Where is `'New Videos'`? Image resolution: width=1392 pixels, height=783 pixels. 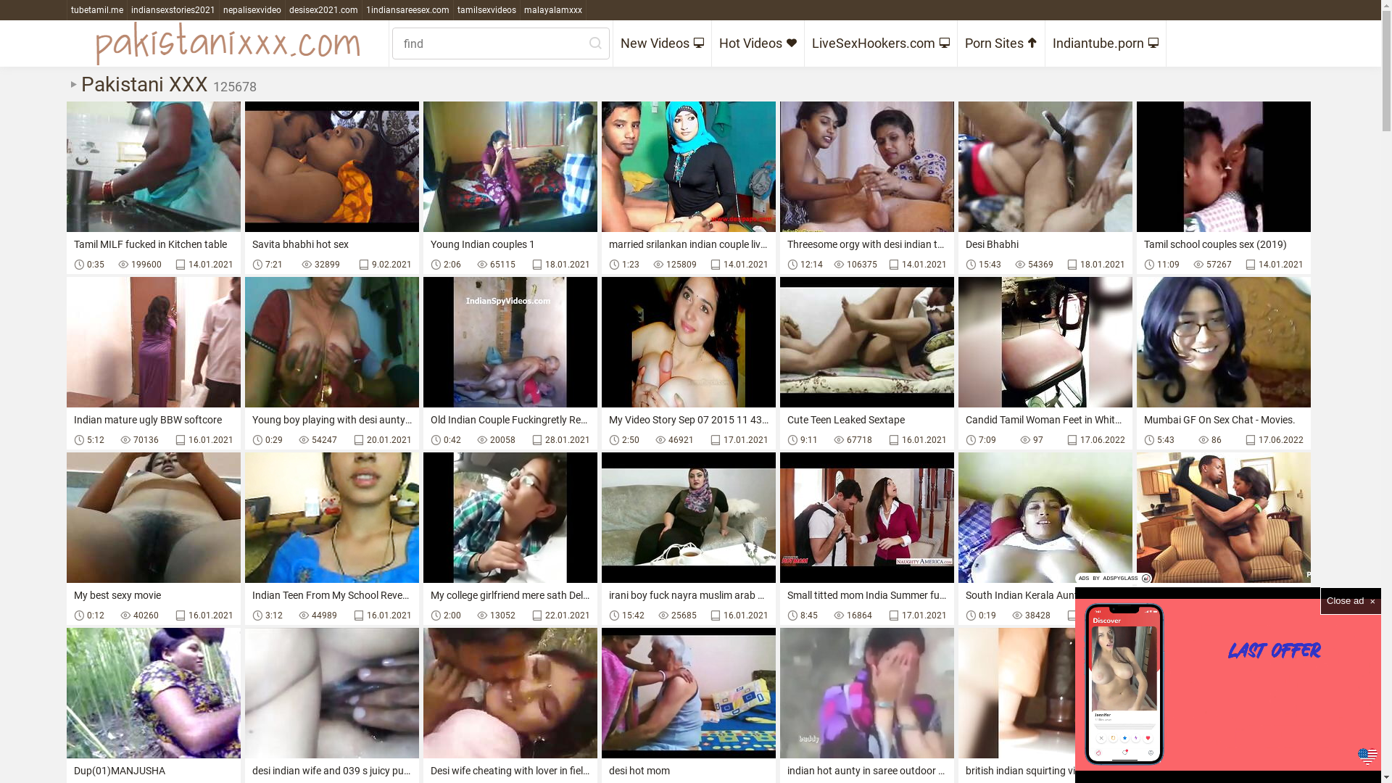
'New Videos' is located at coordinates (661, 43).